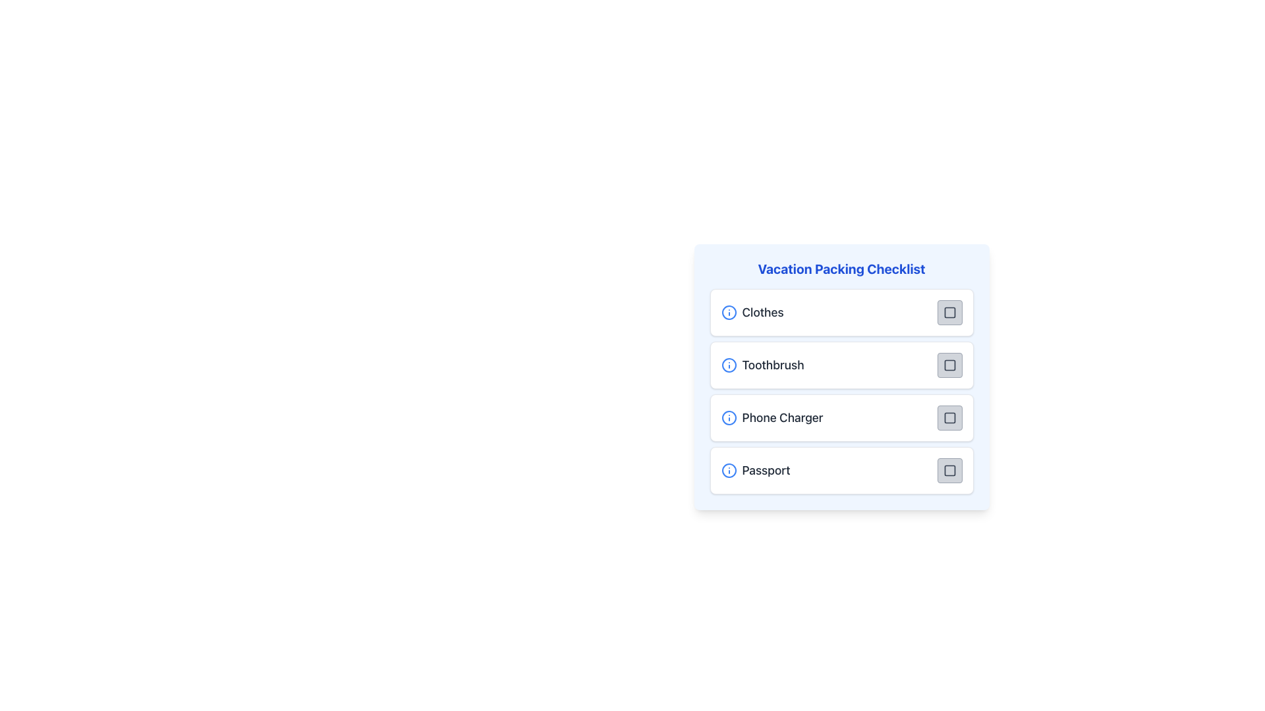 The image size is (1265, 711). What do you see at coordinates (949, 312) in the screenshot?
I see `the interactive checkbox for the 'Clothes' item in the 'Vacation Packing Checklist' for accessibility navigation purposes` at bounding box center [949, 312].